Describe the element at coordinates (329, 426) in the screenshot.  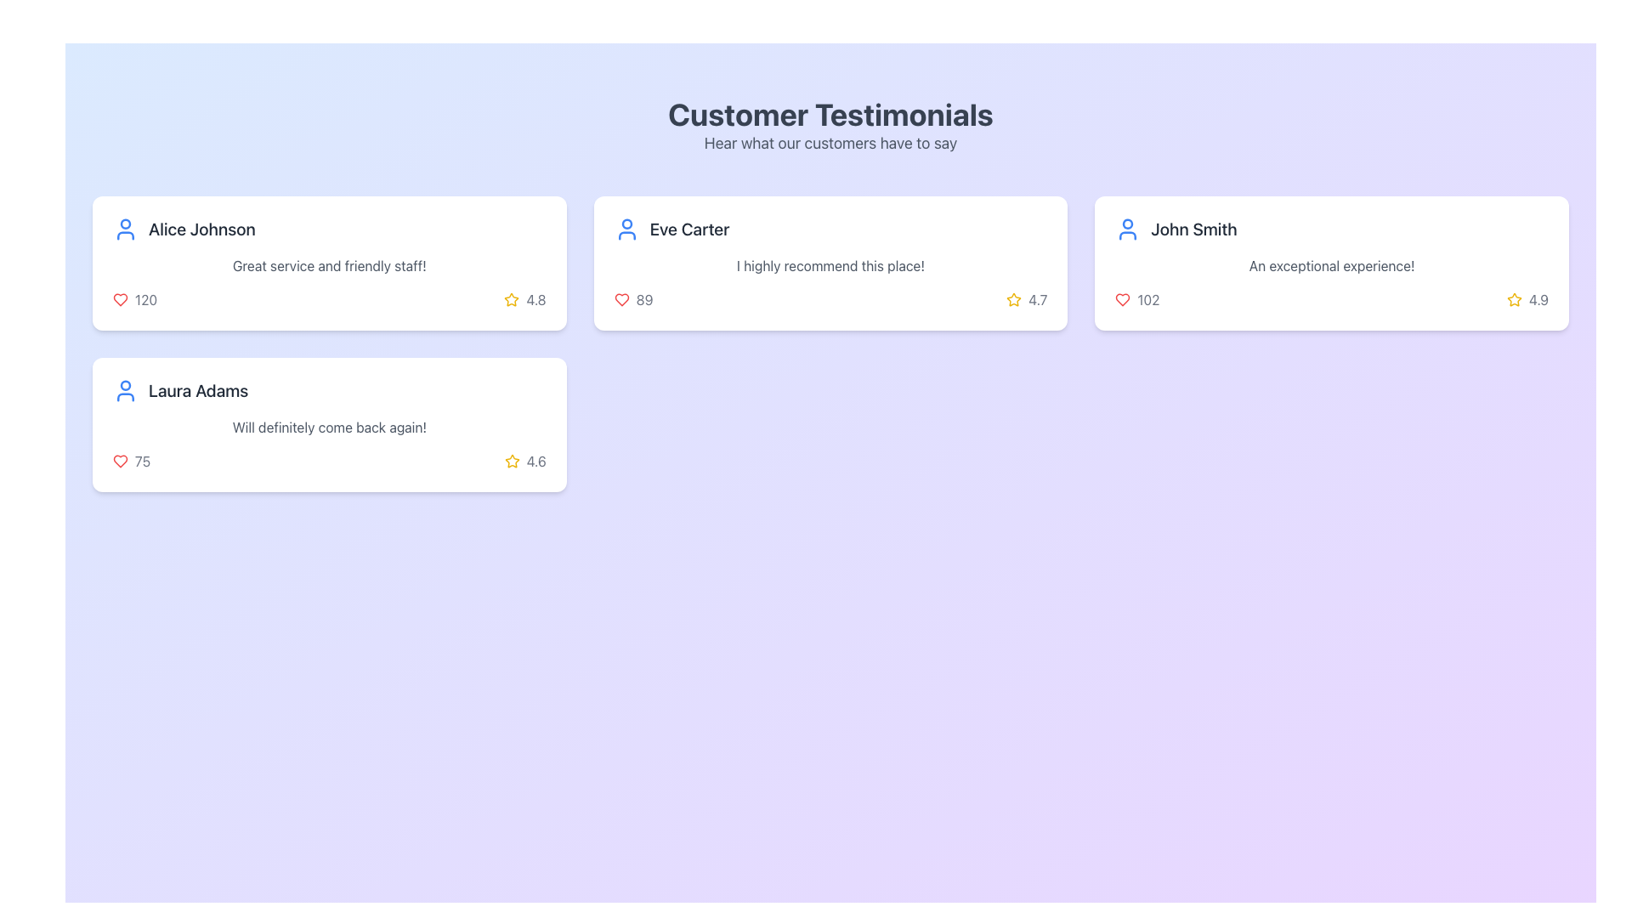
I see `the gray text element that says 'Will definitely come back again!' located within a white rounded card, positioned second from the top beneath the title 'Laura Adams'` at that location.